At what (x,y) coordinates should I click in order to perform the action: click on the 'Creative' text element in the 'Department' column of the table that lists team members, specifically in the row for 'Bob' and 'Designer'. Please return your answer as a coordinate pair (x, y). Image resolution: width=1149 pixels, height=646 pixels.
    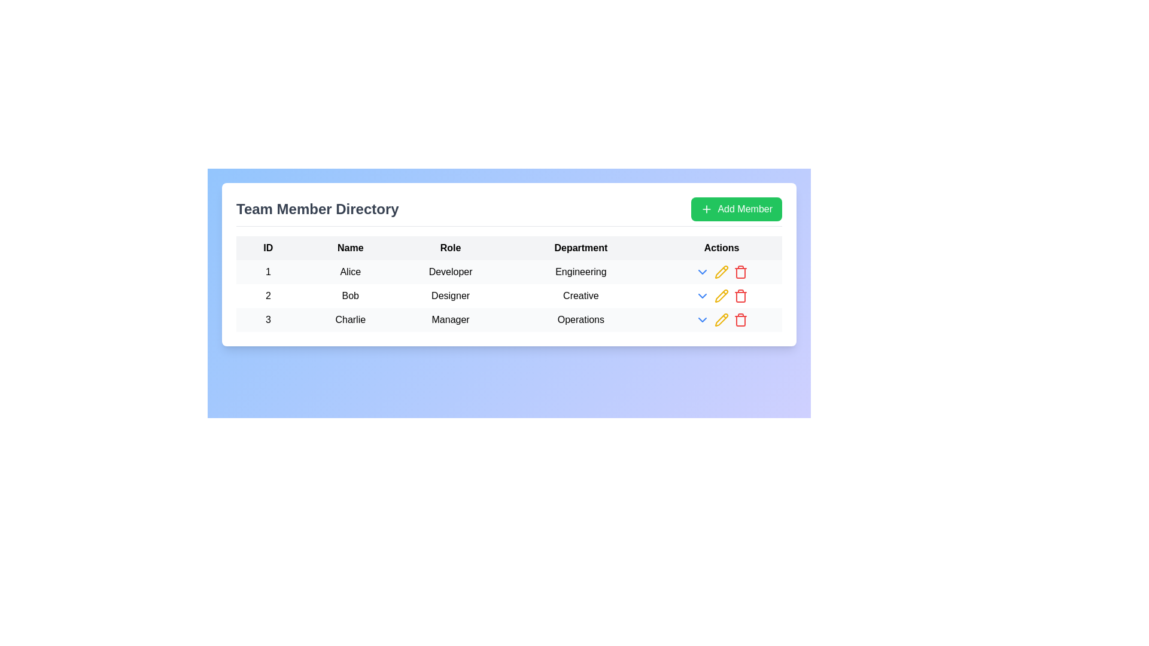
    Looking at the image, I should click on (580, 295).